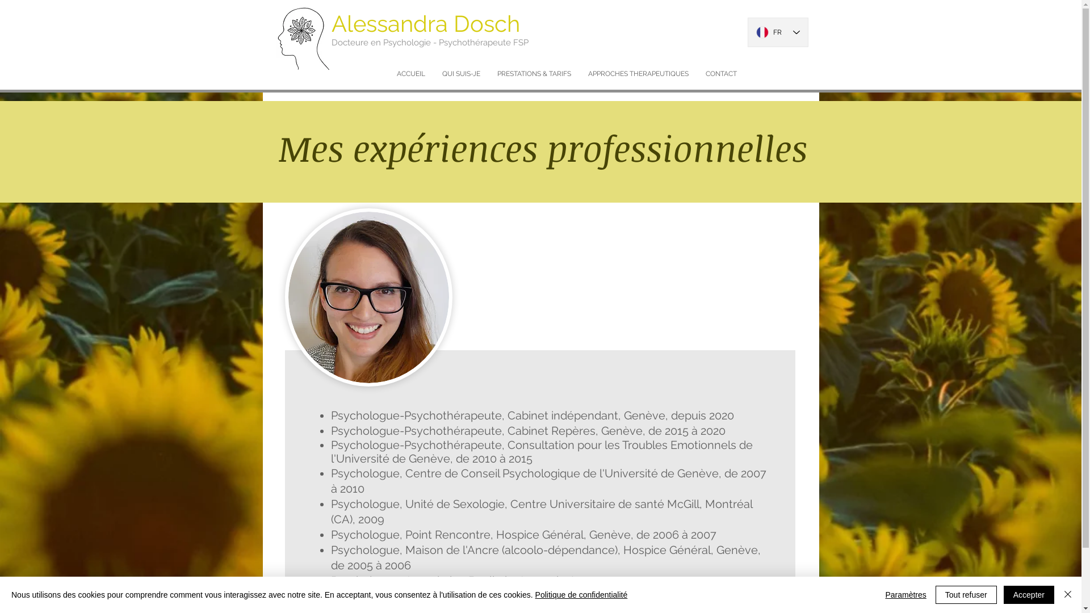 This screenshot has height=613, width=1090. Describe the element at coordinates (388, 74) in the screenshot. I see `'ACCUEIL'` at that location.